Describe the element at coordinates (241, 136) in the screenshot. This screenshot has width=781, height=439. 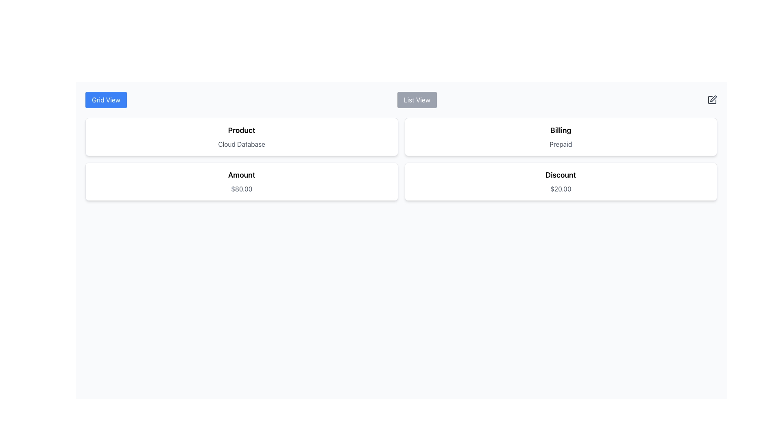
I see `the Information Card located in the first column and first row of the grid layout` at that location.